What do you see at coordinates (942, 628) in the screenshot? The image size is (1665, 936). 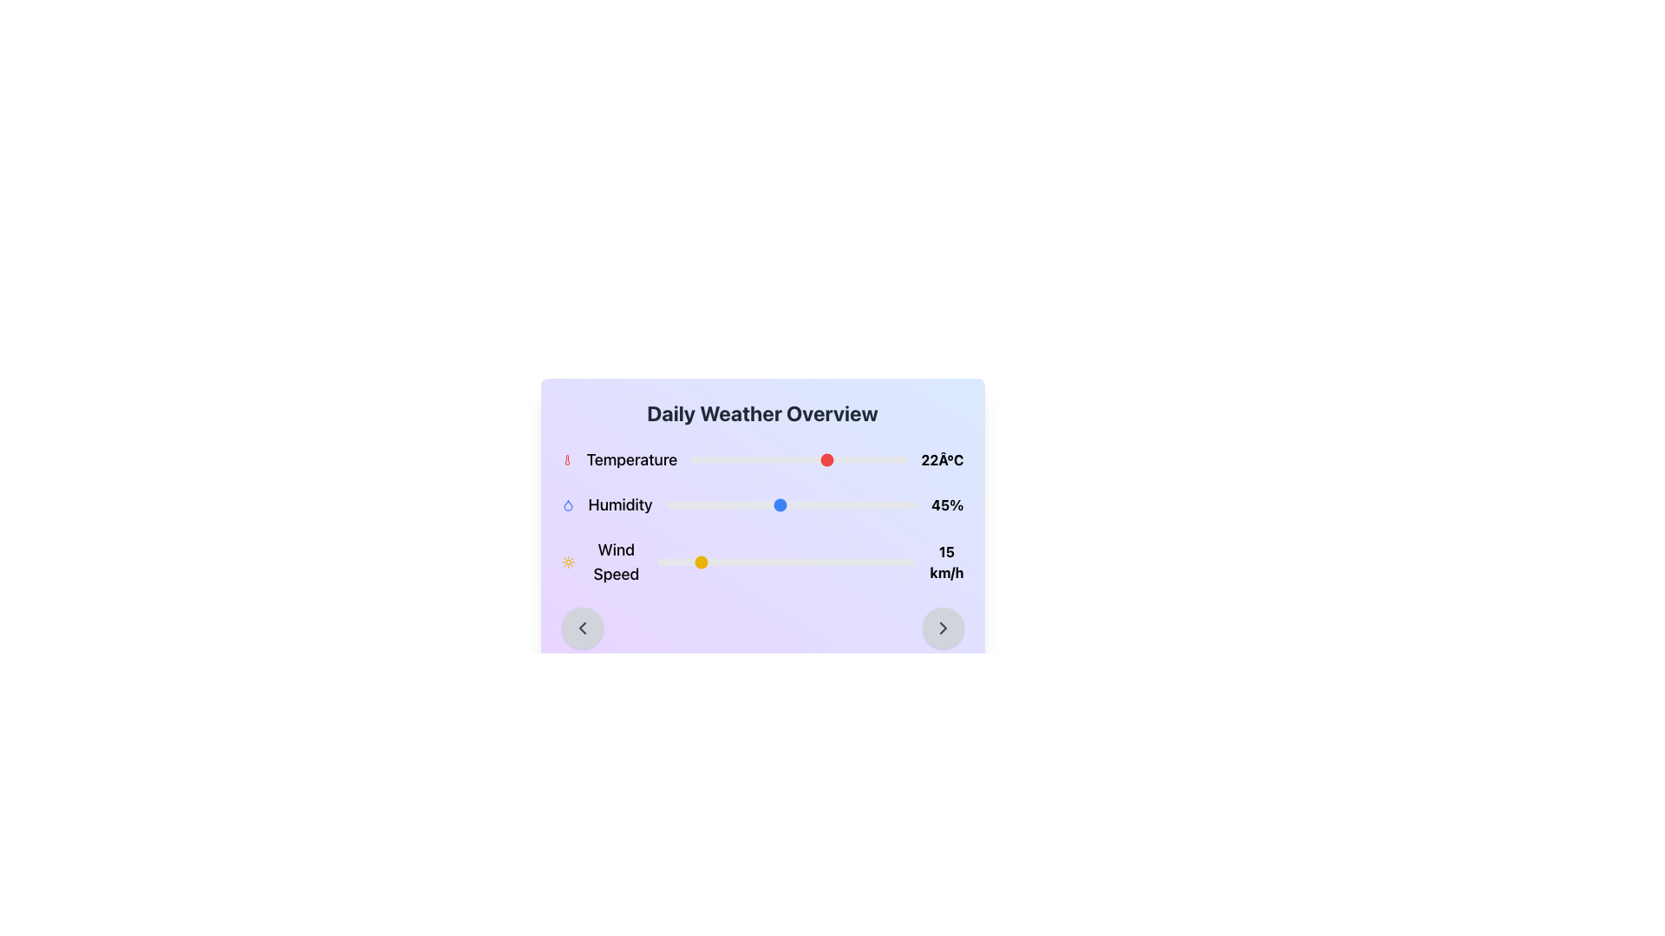 I see `the rightward pointing chevron icon located within the circular button at the bottom-right corner of the 'Daily Weather Overview' panel` at bounding box center [942, 628].